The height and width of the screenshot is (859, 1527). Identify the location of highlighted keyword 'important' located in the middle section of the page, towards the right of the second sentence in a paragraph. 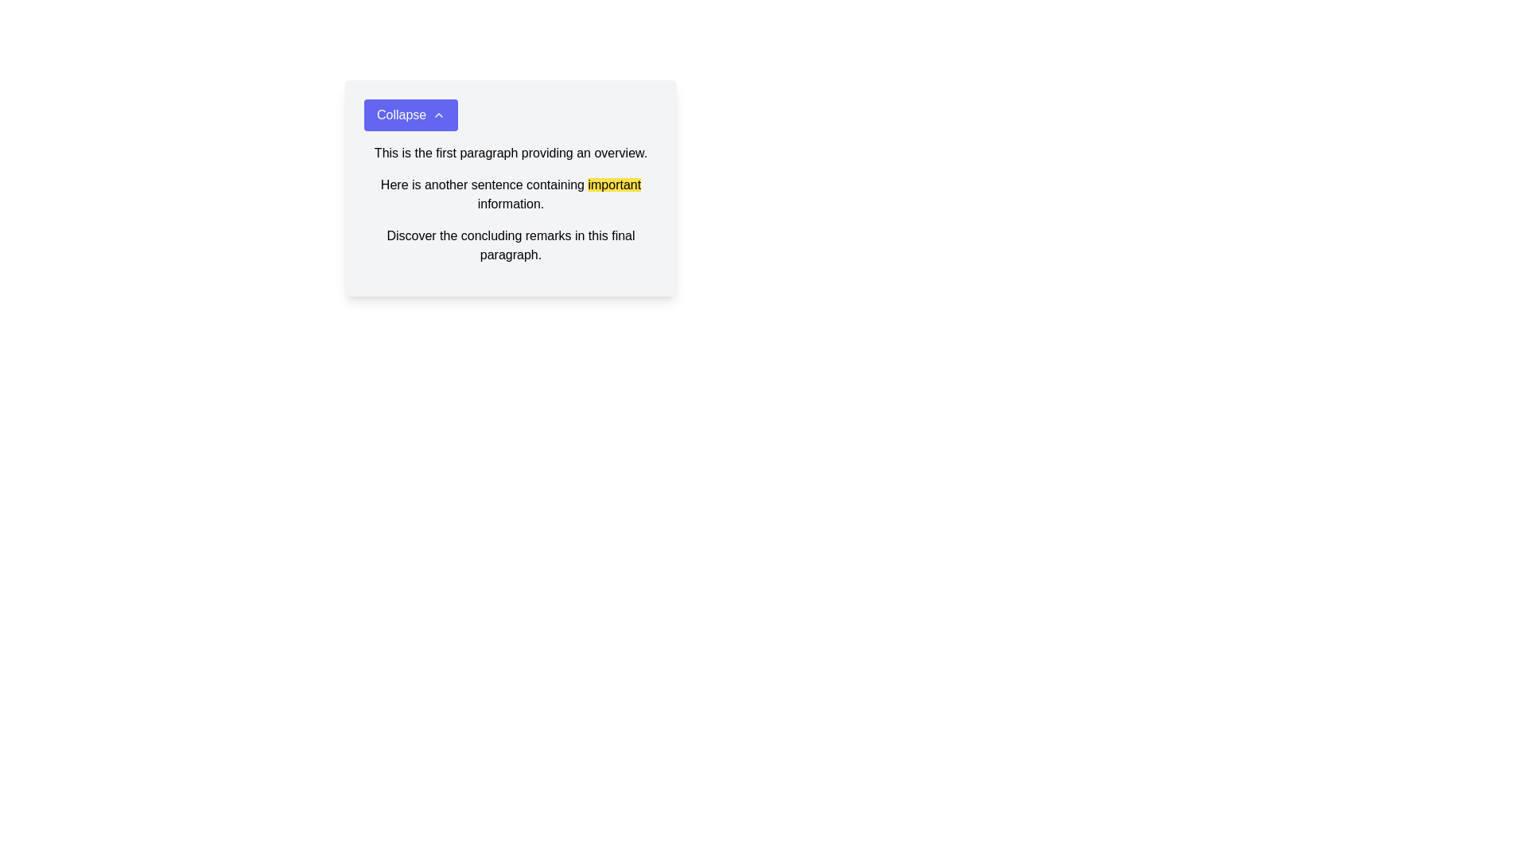
(613, 184).